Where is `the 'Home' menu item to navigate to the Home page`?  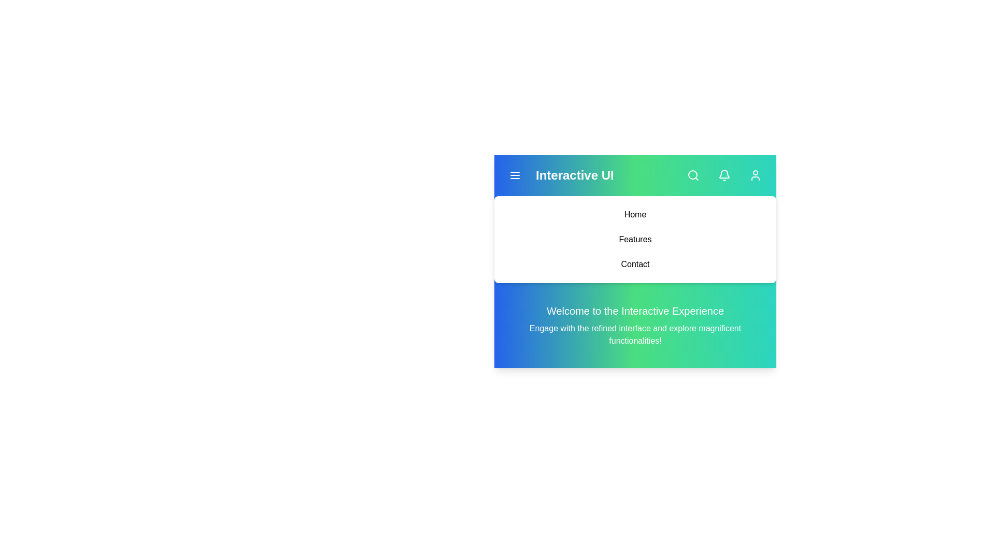
the 'Home' menu item to navigate to the Home page is located at coordinates (634, 214).